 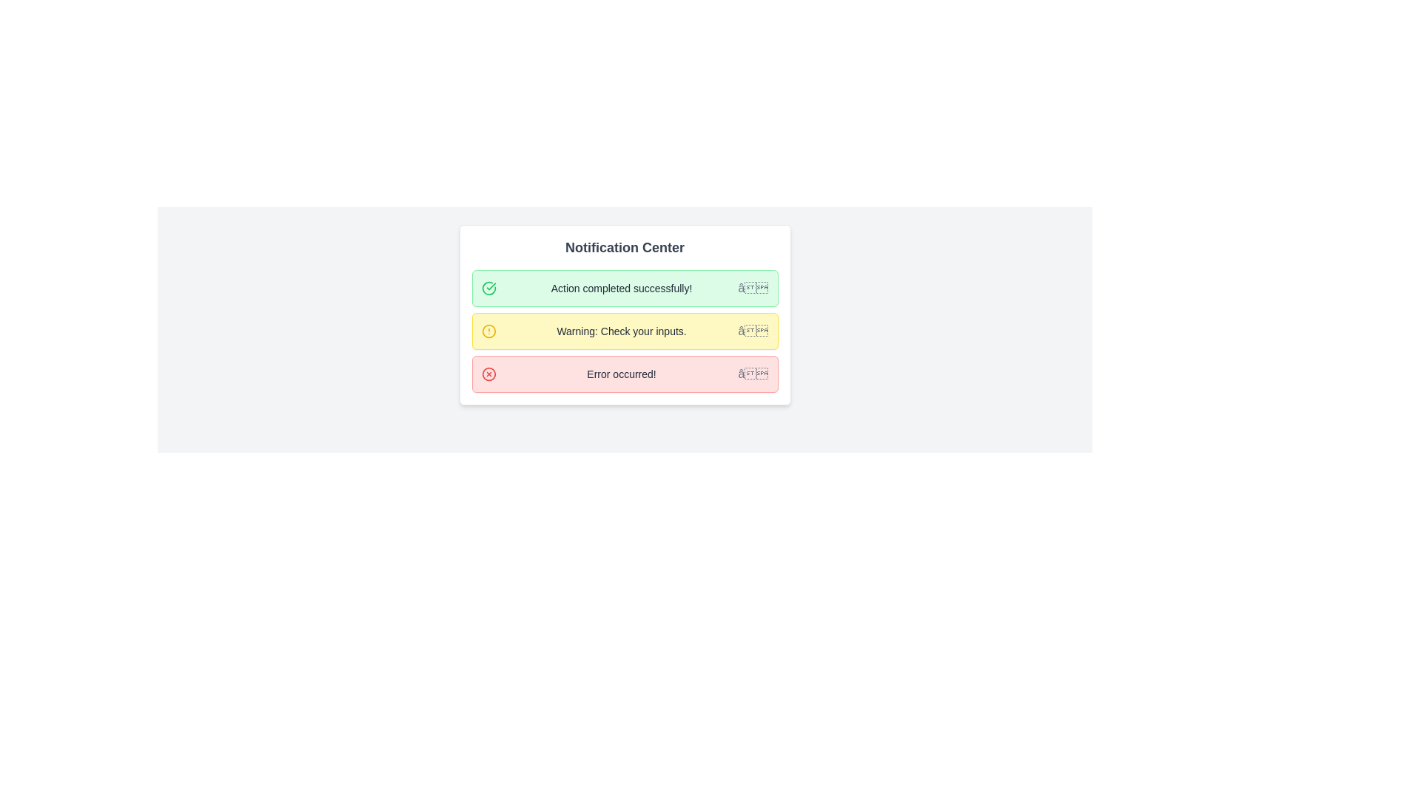 I want to click on the green circular icon with a checkmark, which indicates success, located to the left of the notification text 'Action completed successfully!', so click(x=488, y=288).